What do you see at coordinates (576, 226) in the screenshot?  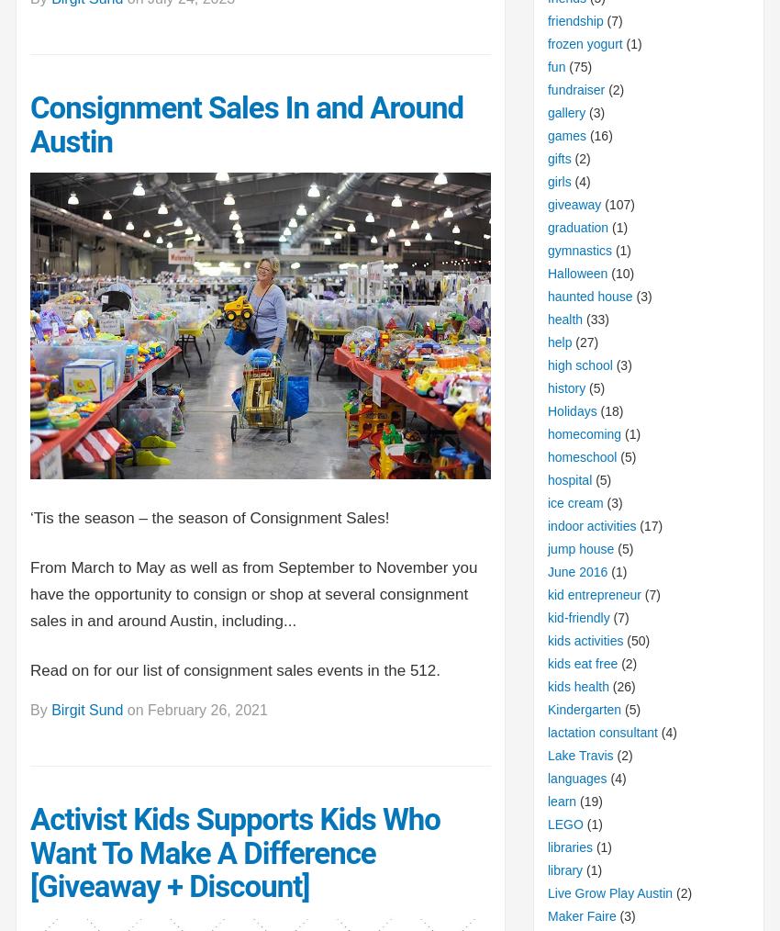 I see `'graduation'` at bounding box center [576, 226].